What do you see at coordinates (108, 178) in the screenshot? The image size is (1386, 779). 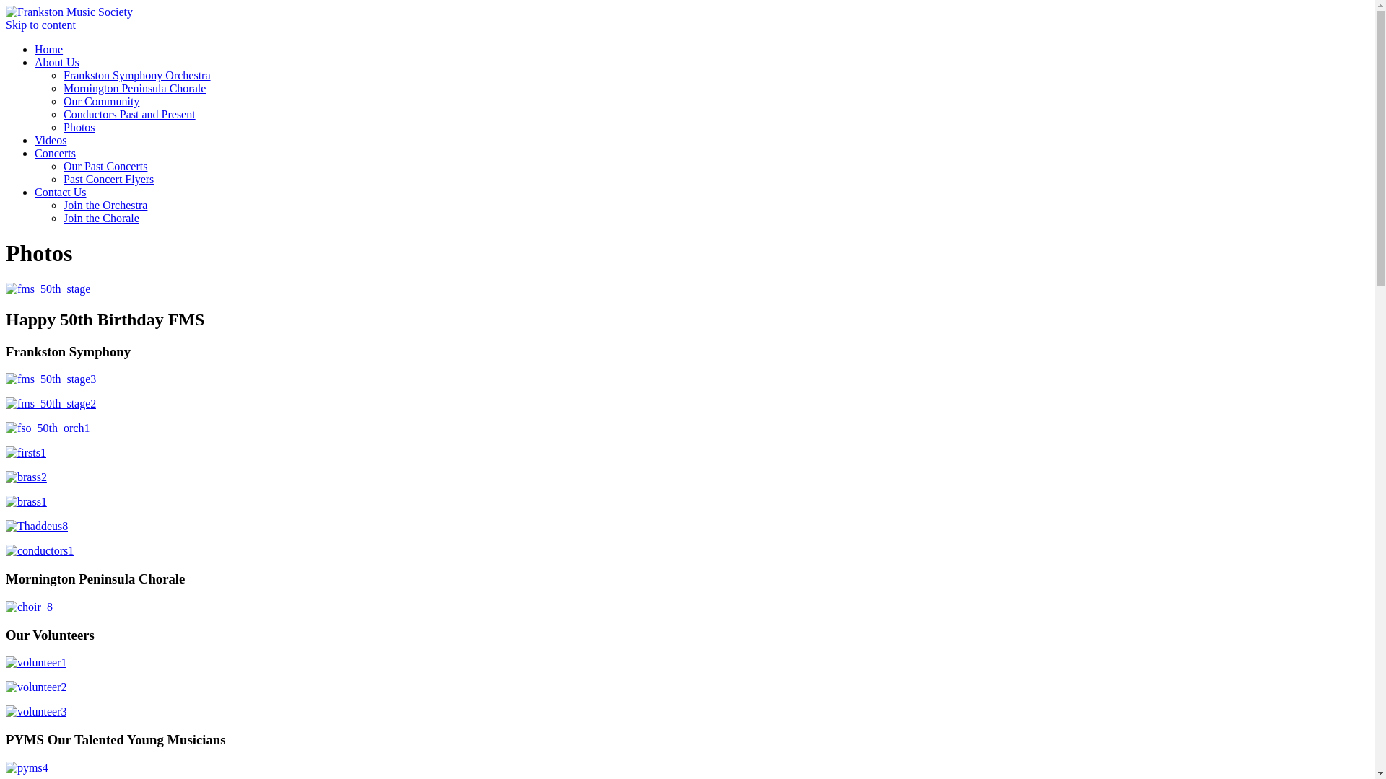 I see `'Past Concert Flyers'` at bounding box center [108, 178].